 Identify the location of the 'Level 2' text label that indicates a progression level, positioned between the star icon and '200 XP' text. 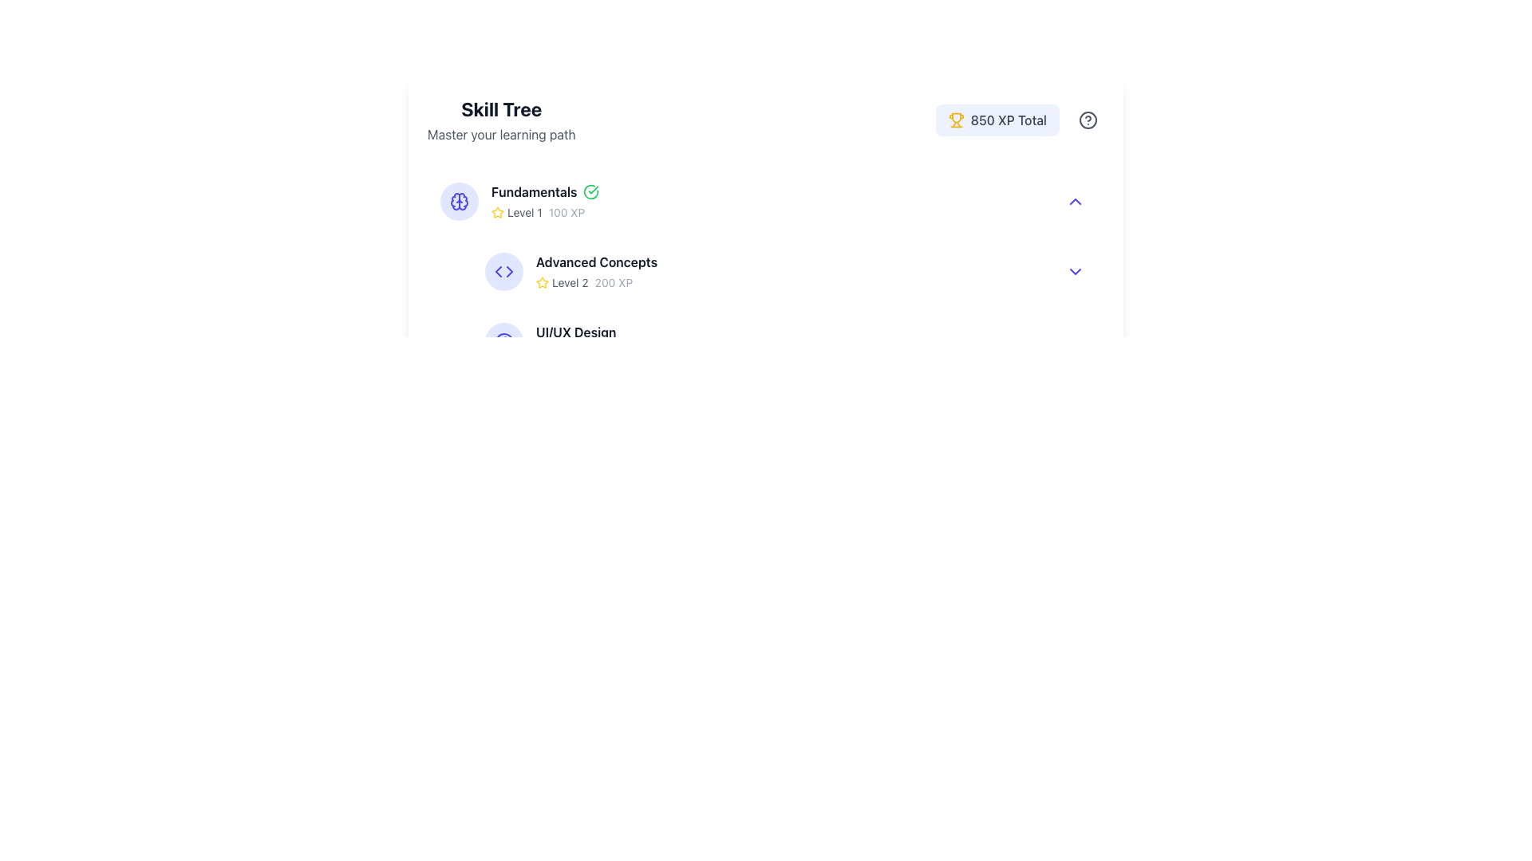
(570, 281).